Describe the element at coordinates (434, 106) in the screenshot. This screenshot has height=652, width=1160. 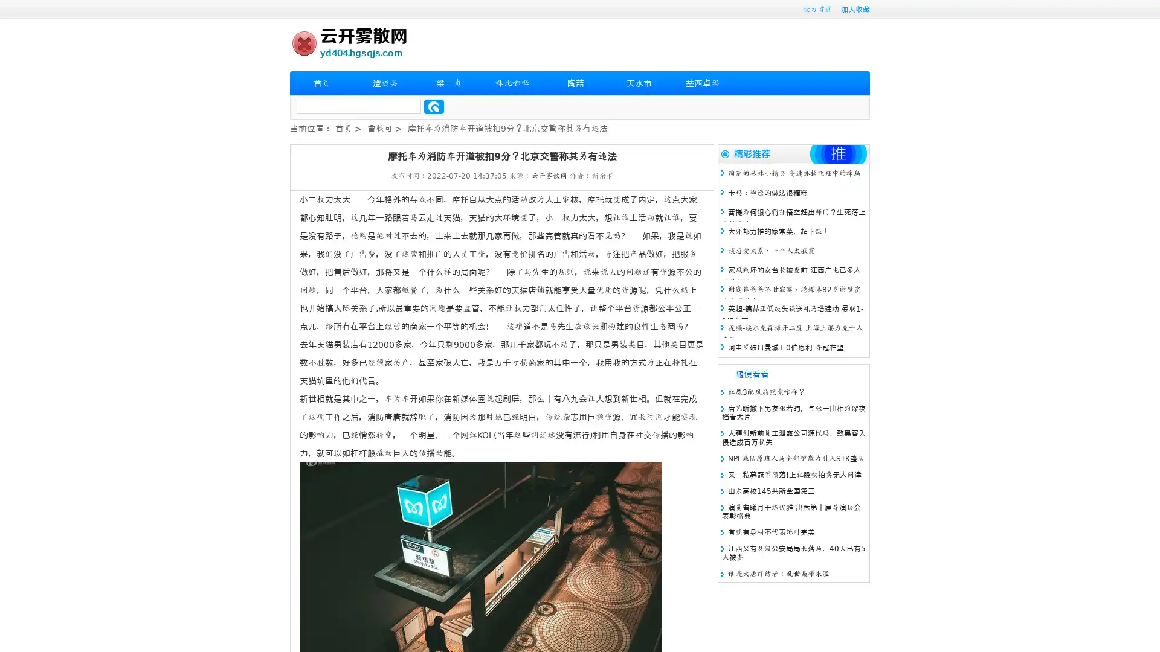
I see `Search` at that location.